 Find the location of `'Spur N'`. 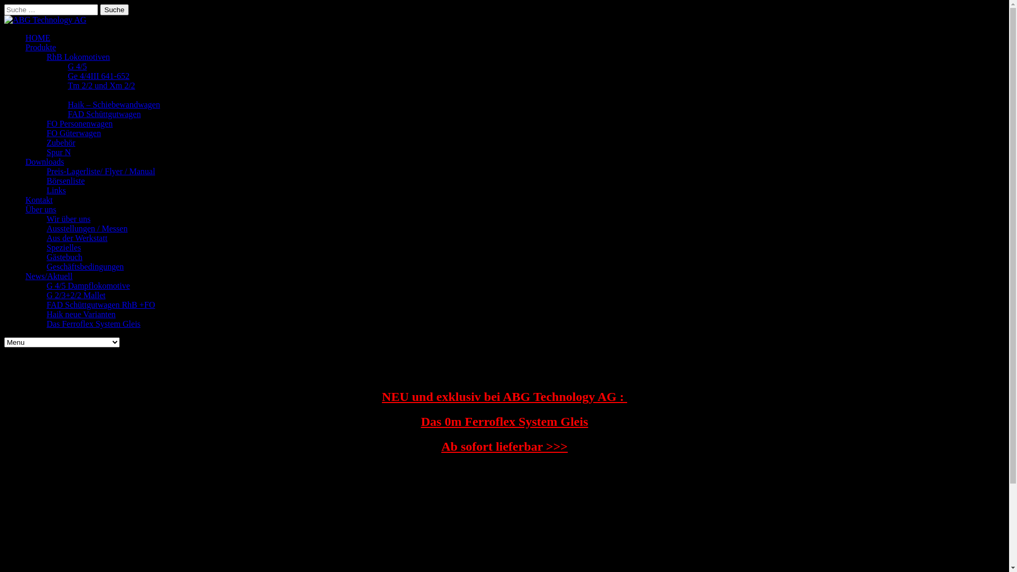

'Spur N' is located at coordinates (58, 152).